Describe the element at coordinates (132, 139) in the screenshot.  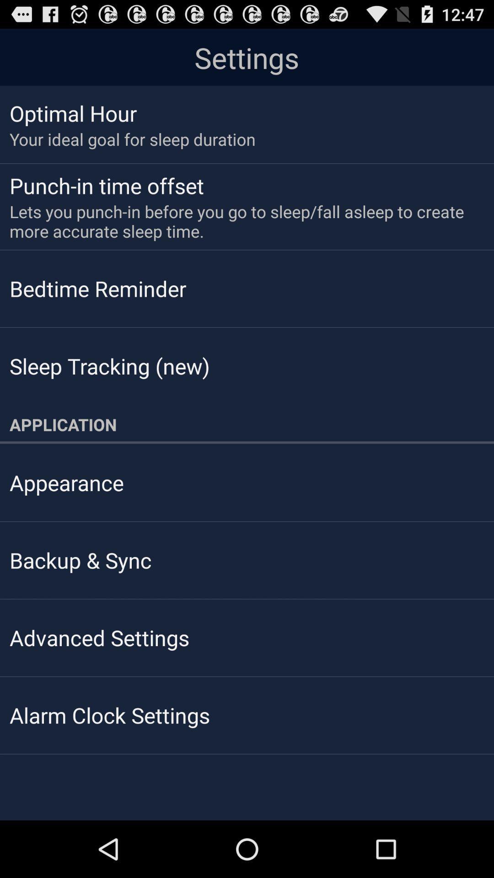
I see `the app below the optimal hour app` at that location.